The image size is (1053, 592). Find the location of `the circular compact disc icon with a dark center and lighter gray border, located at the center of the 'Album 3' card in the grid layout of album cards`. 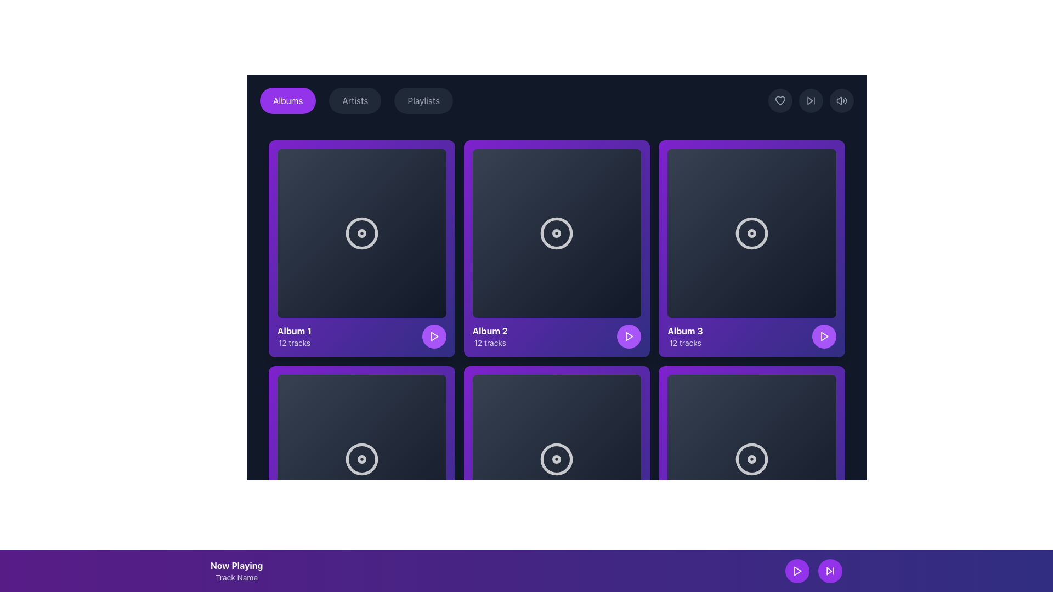

the circular compact disc icon with a dark center and lighter gray border, located at the center of the 'Album 3' card in the grid layout of album cards is located at coordinates (751, 232).